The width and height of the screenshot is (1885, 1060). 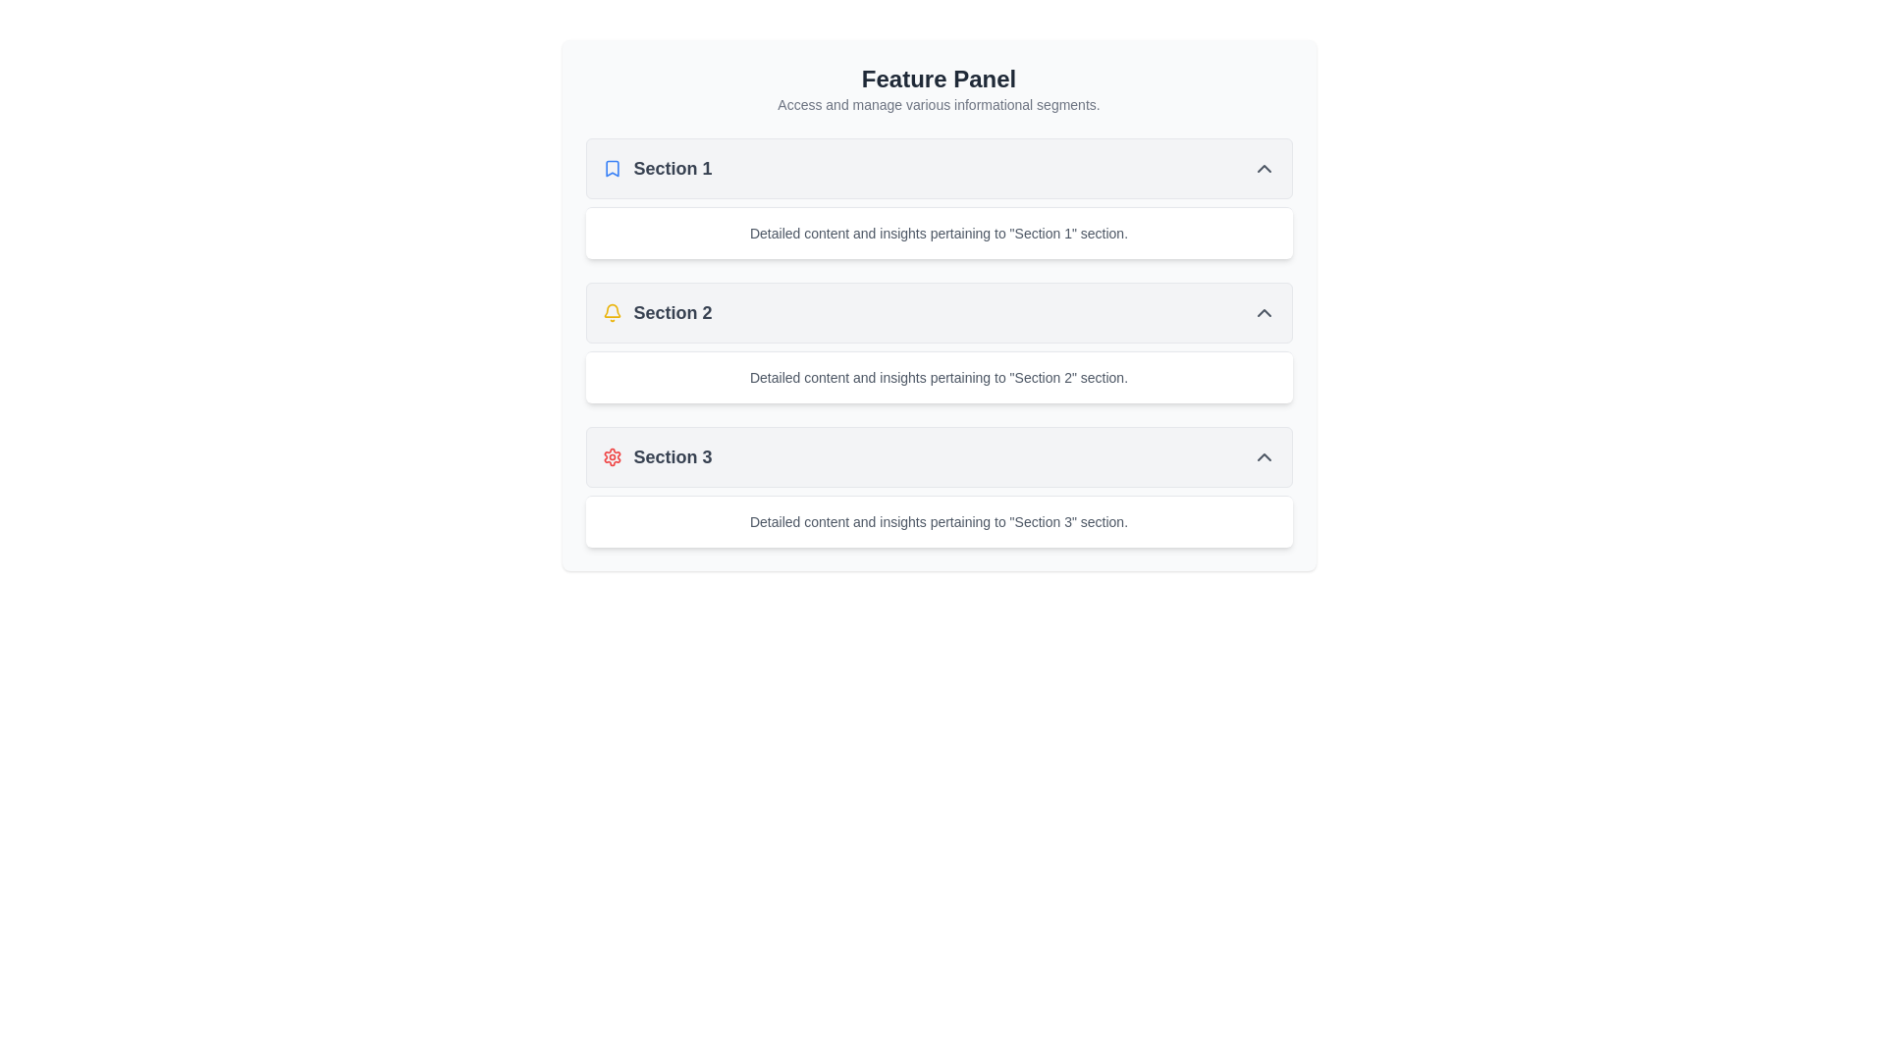 I want to click on text label displaying 'Detailed content and insights pertaining to Section 3 section.' located below the title 'Section 3' in the third section of the interface, so click(x=938, y=521).